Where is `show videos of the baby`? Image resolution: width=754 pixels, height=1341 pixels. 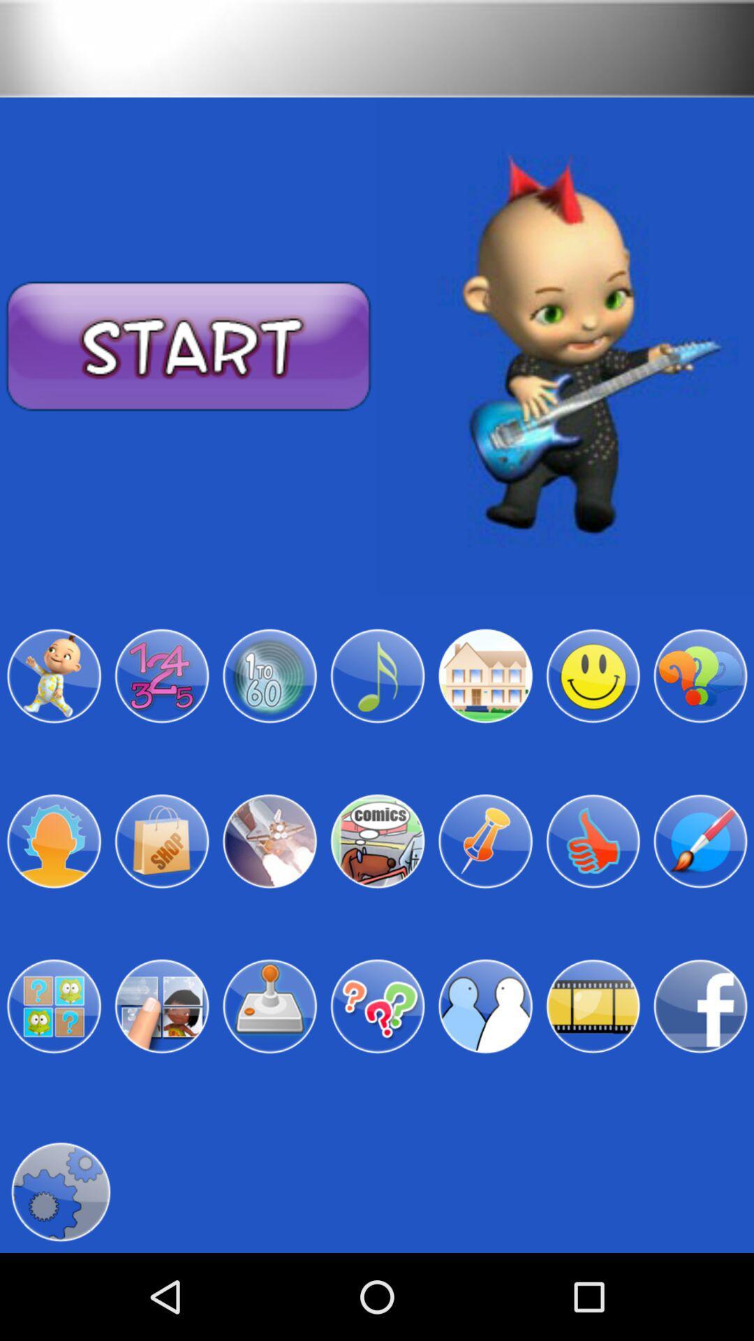 show videos of the baby is located at coordinates (593, 1006).